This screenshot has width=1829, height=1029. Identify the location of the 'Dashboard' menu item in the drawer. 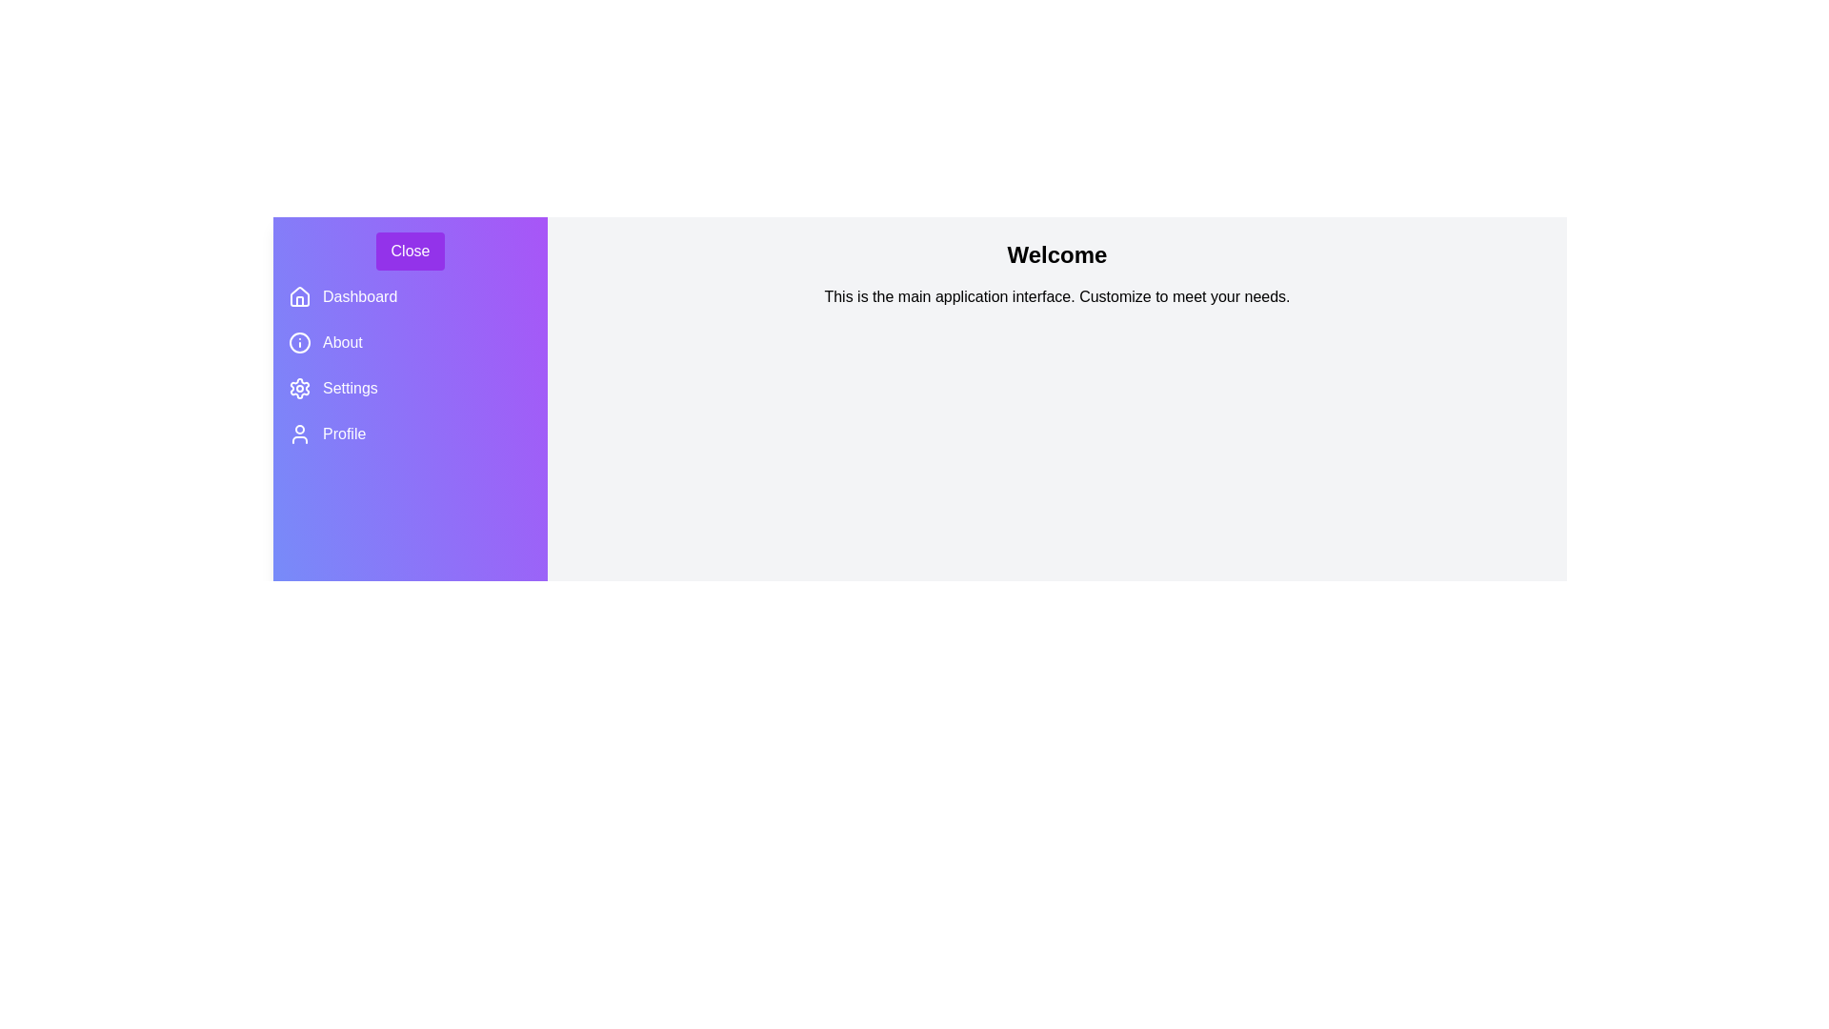
(360, 297).